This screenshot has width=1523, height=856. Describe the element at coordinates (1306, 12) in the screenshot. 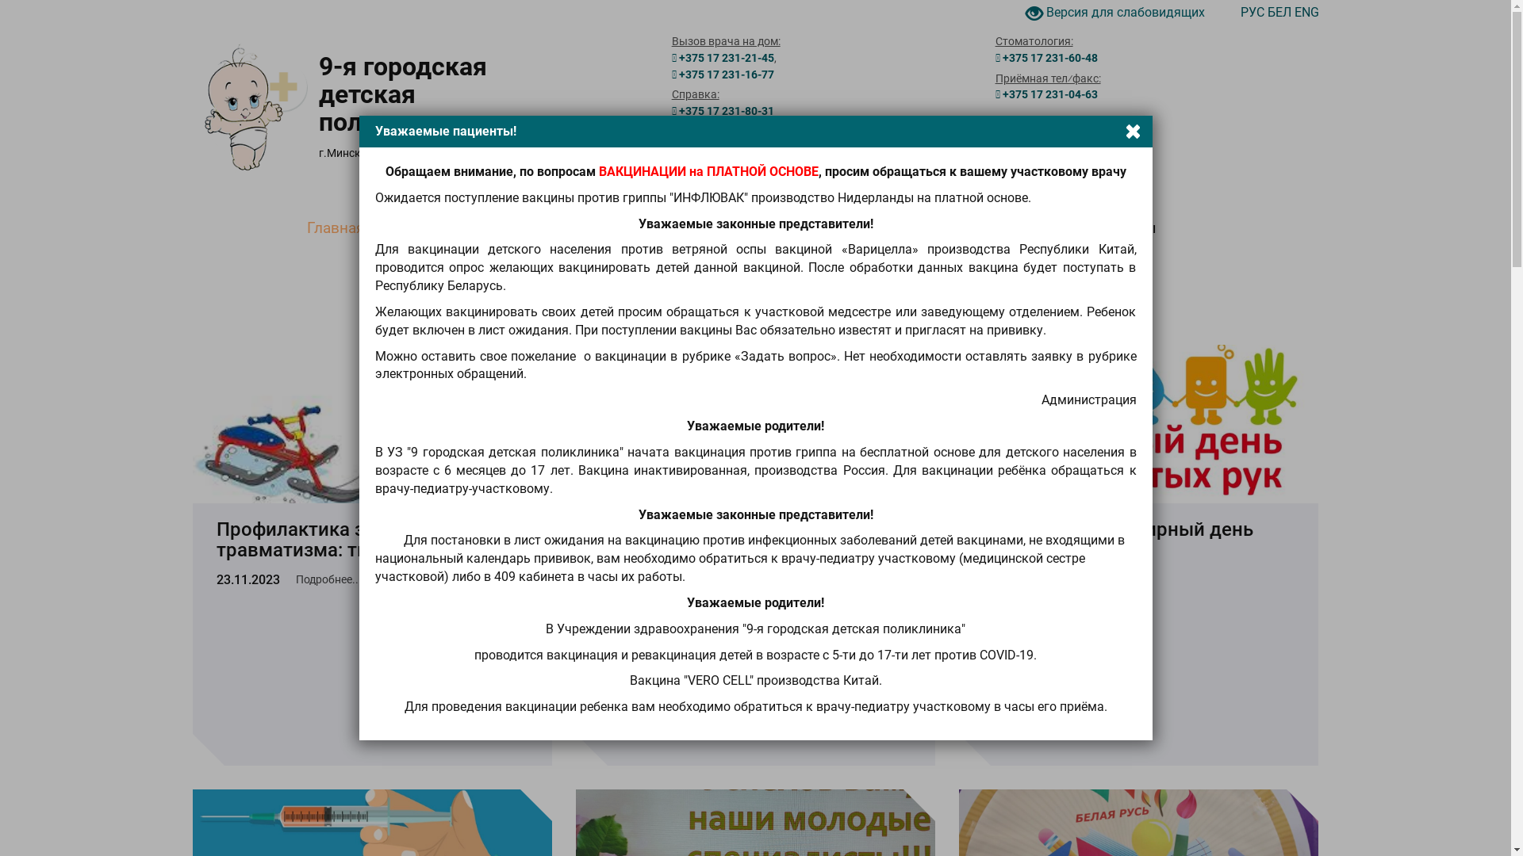

I see `'ENG'` at that location.